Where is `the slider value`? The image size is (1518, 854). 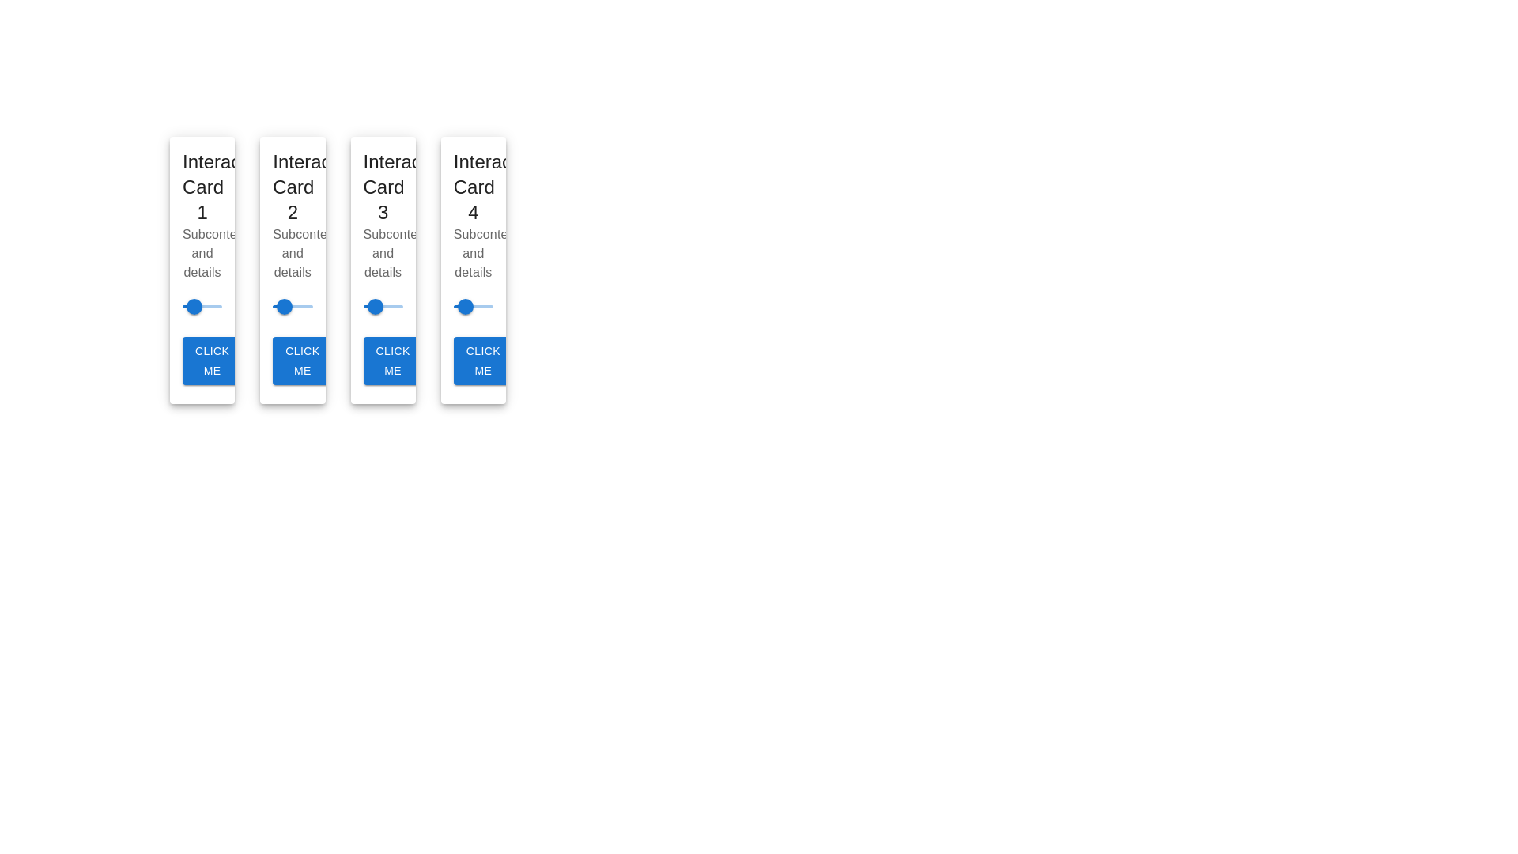
the slider value is located at coordinates (194, 307).